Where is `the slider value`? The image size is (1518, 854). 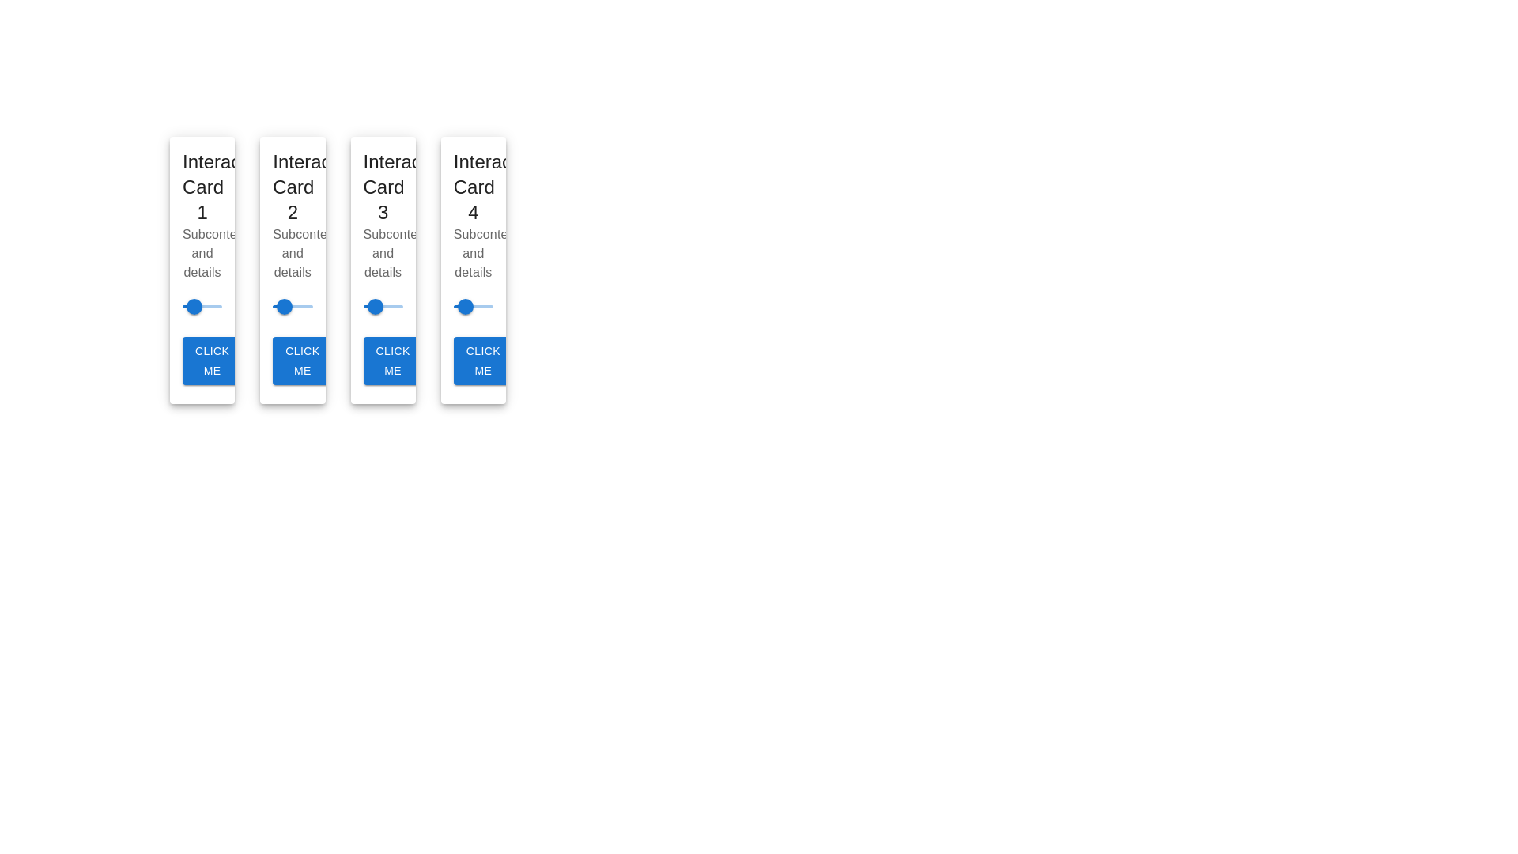
the slider value is located at coordinates (194, 307).